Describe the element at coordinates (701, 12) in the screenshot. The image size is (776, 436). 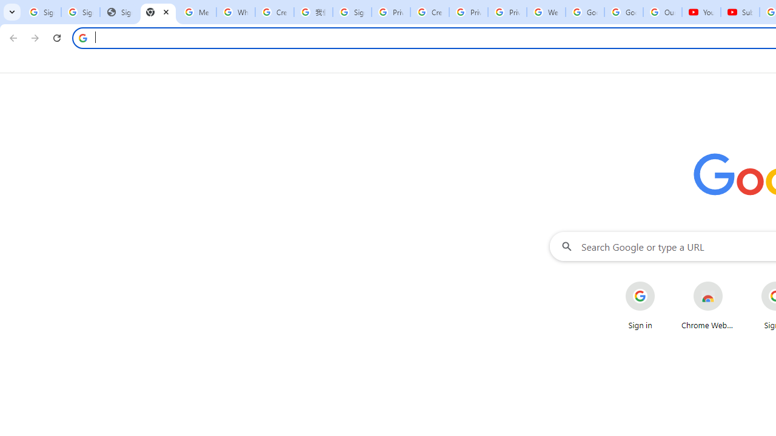
I see `'YouTube'` at that location.